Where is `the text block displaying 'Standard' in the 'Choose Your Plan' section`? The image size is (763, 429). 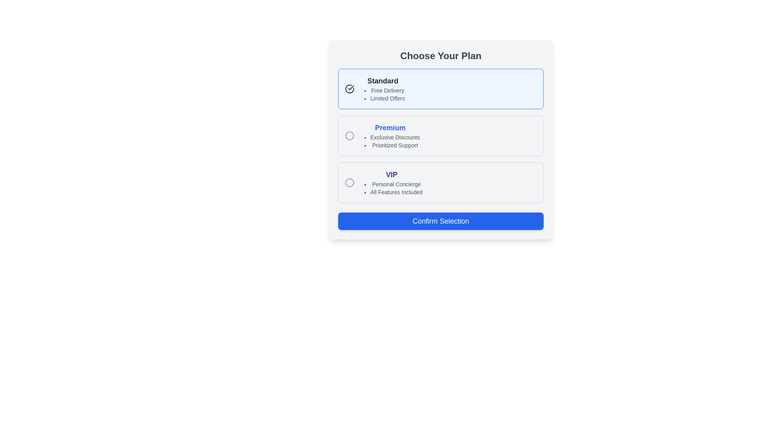
the text block displaying 'Standard' in the 'Choose Your Plan' section is located at coordinates (383, 89).